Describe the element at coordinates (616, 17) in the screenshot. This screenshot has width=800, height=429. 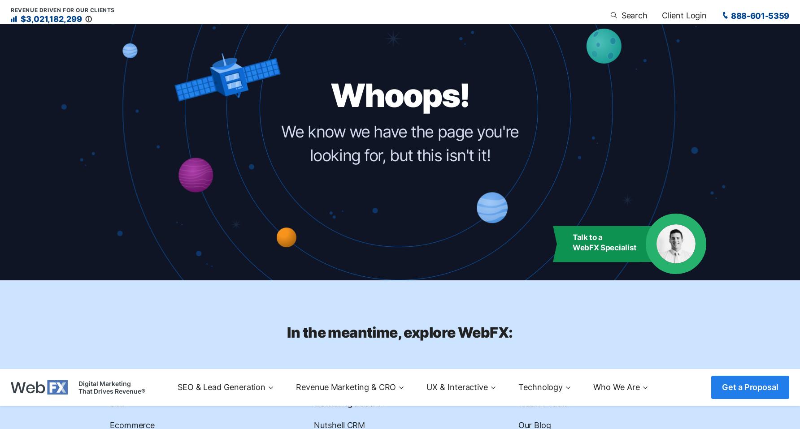
I see `'Who We Are'` at that location.